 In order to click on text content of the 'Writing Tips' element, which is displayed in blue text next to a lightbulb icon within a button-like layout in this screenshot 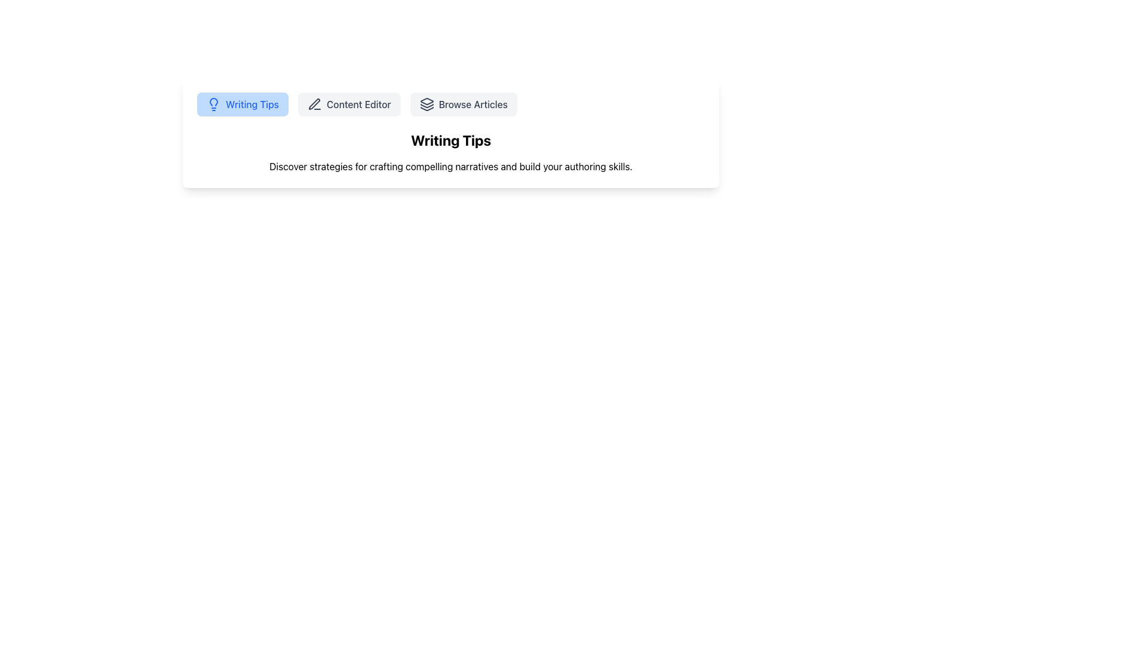, I will do `click(252, 103)`.